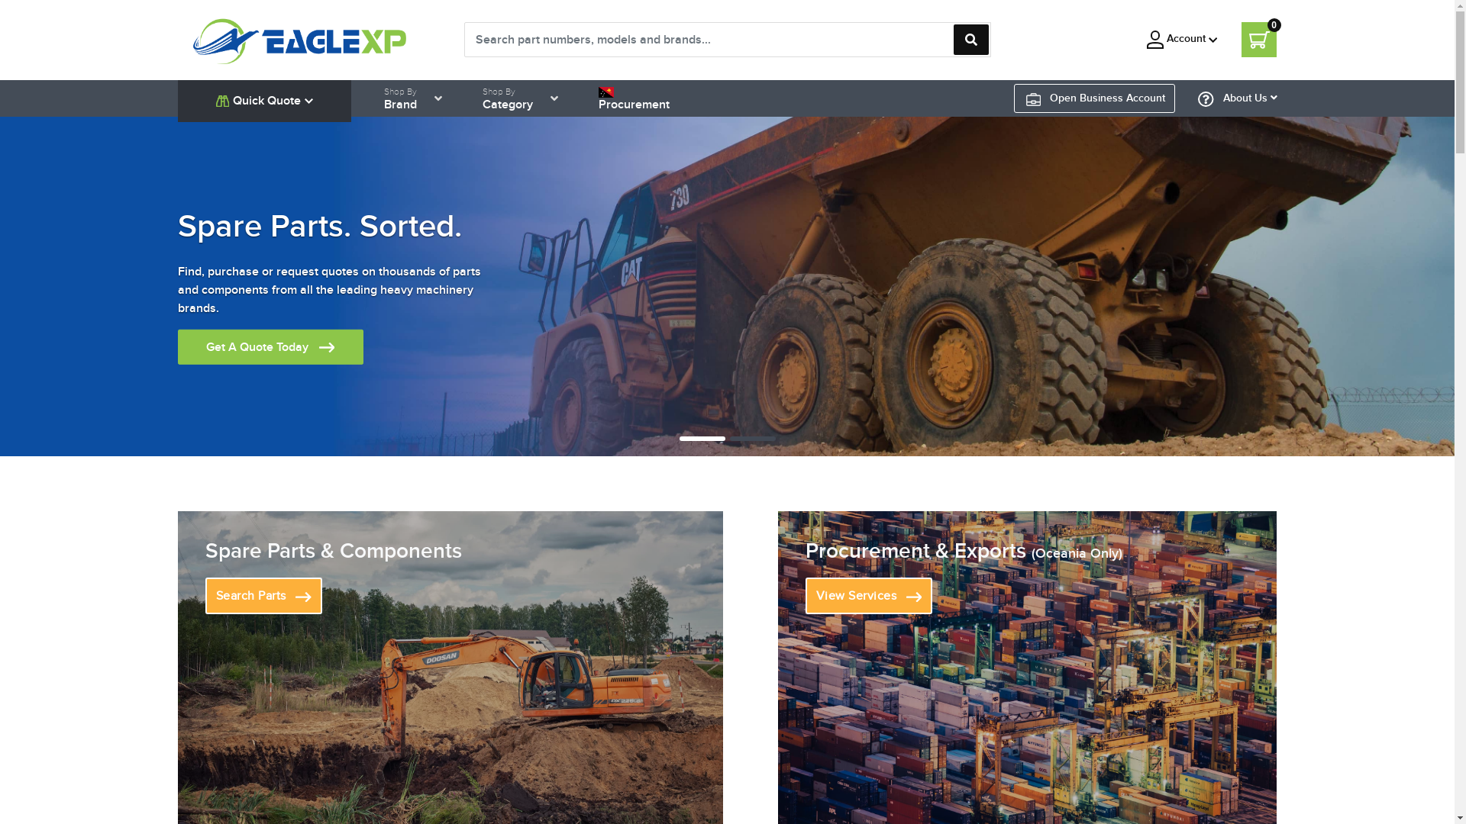 Image resolution: width=1466 pixels, height=824 pixels. I want to click on 'Shop By, so click(508, 98).